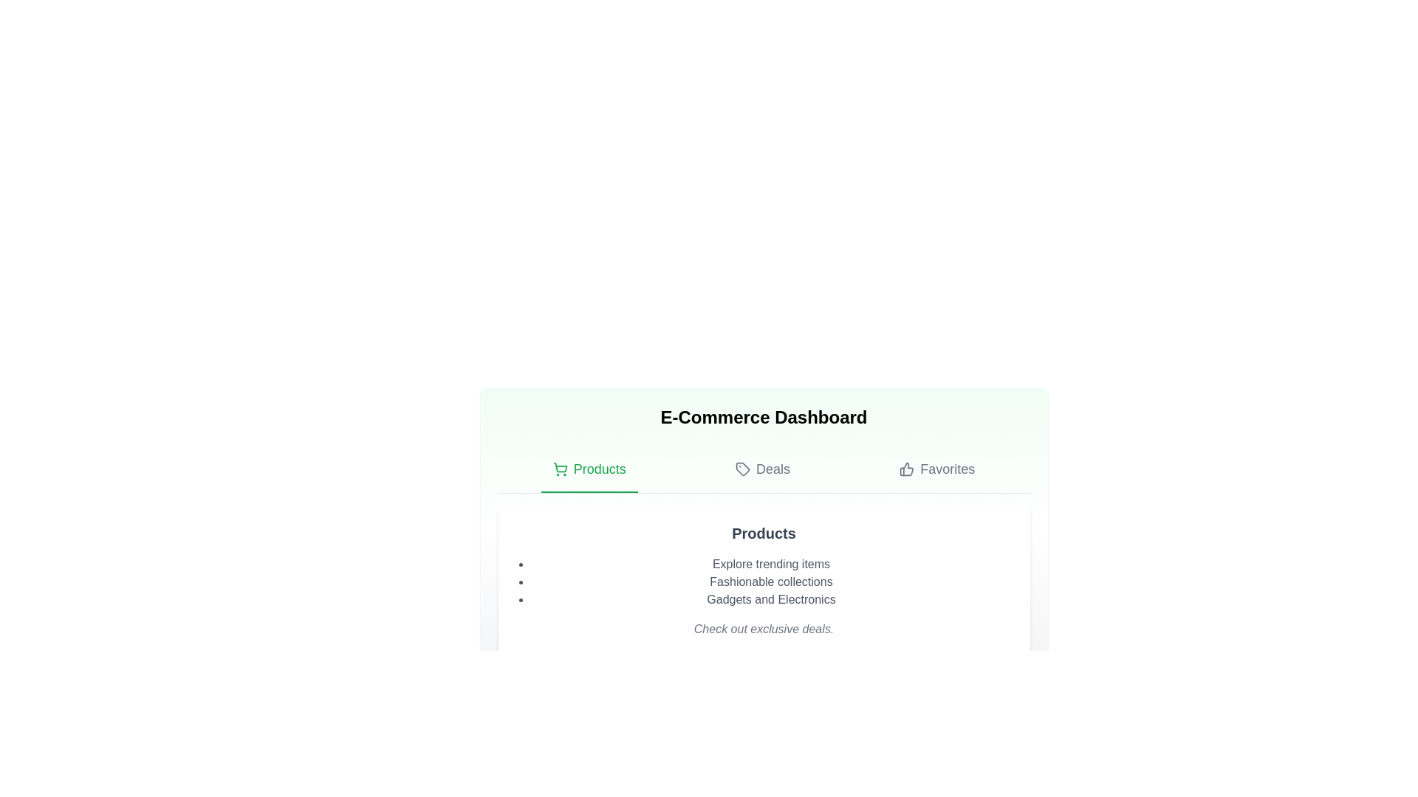  I want to click on the 'Products' header text element, so click(764, 533).